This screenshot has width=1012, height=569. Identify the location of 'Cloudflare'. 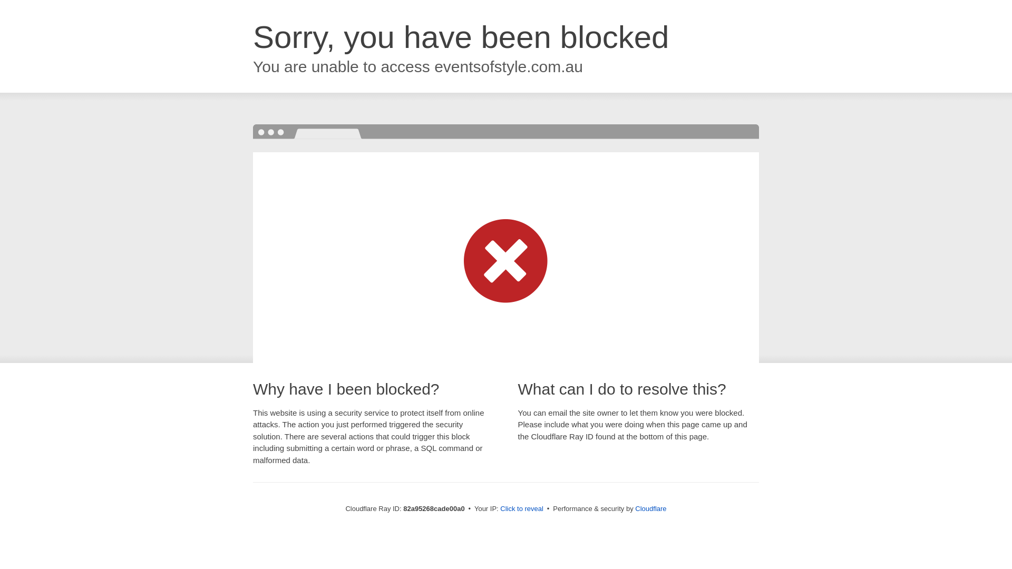
(650, 508).